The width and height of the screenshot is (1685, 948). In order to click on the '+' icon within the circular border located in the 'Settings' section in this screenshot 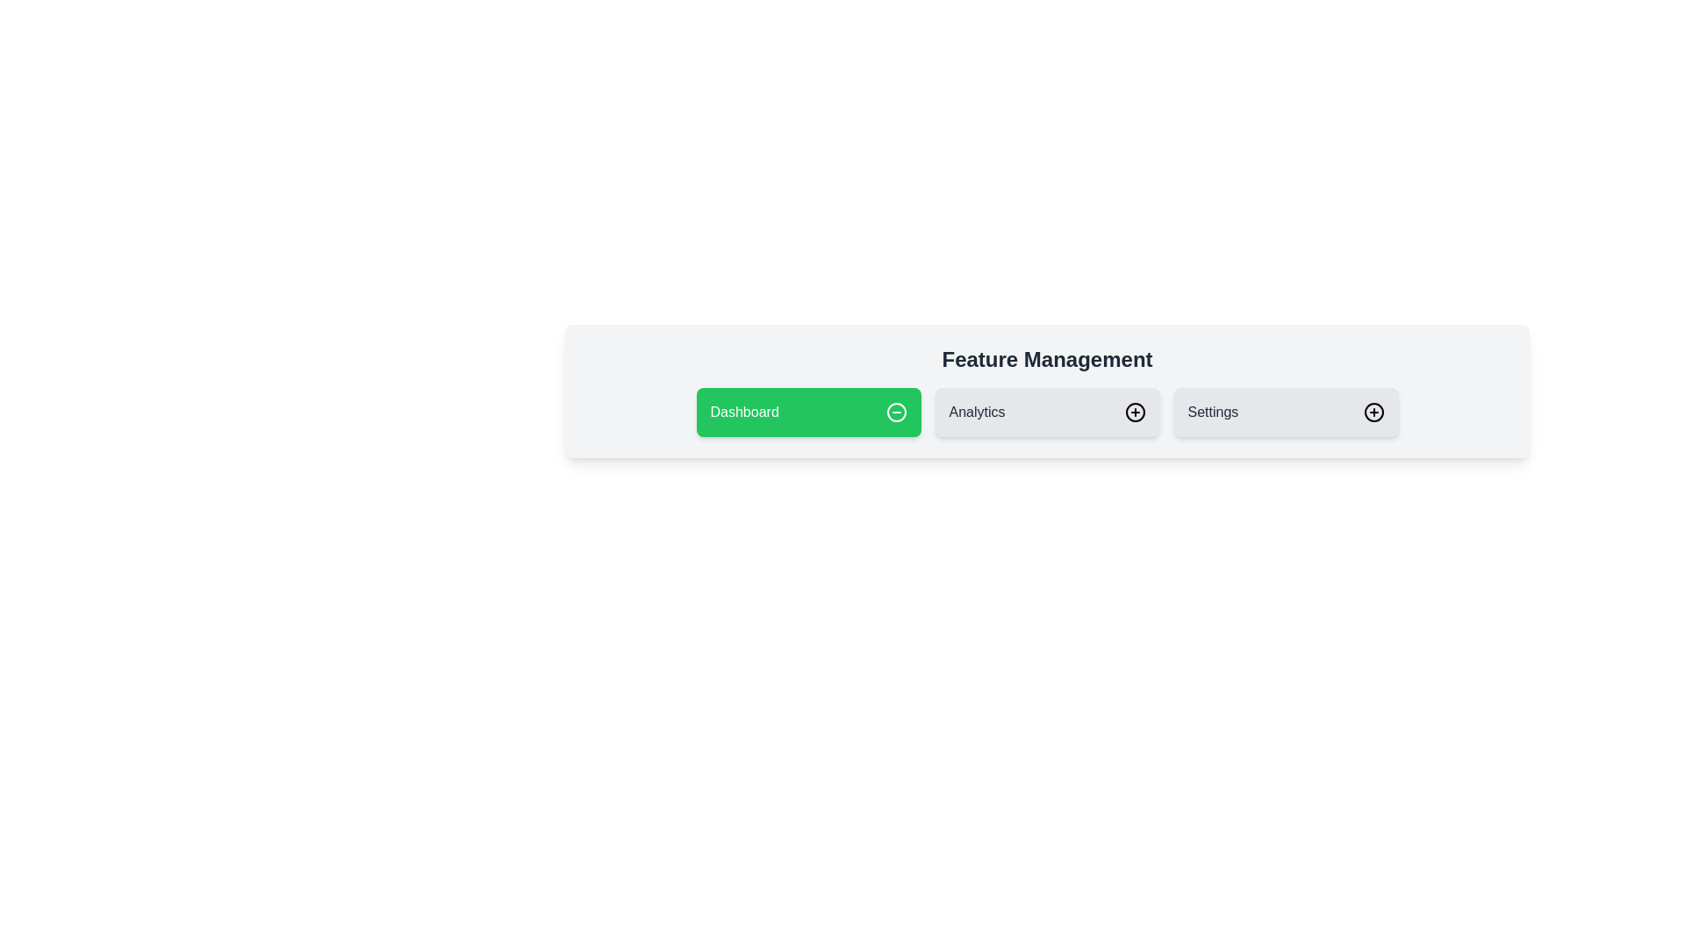, I will do `click(1373, 413)`.